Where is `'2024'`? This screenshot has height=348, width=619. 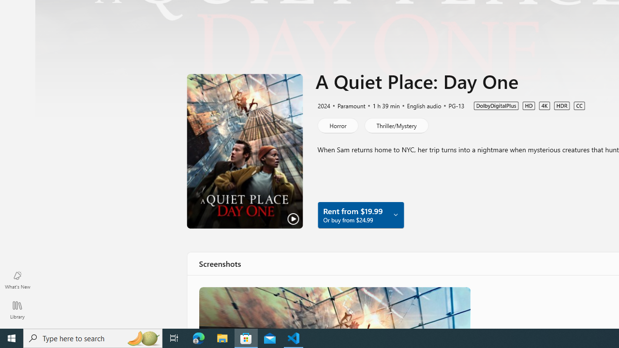
'2024' is located at coordinates (323, 105).